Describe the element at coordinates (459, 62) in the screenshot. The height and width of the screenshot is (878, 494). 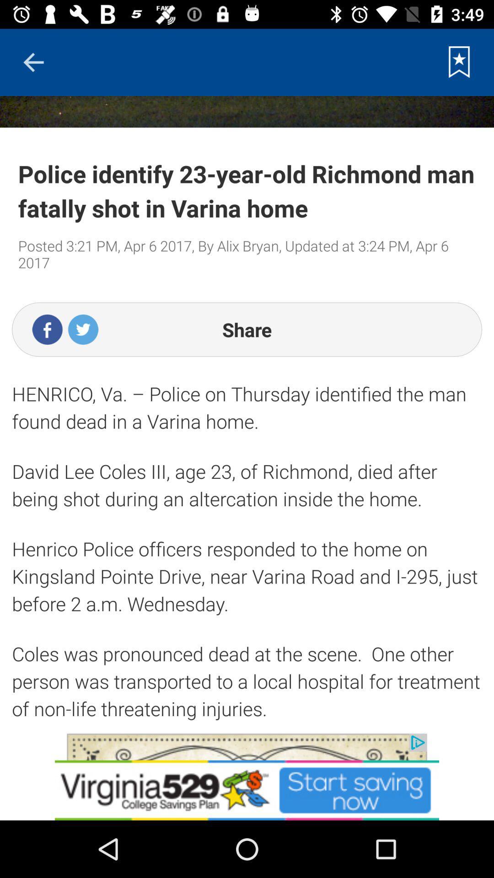
I see `the bookmark icon` at that location.